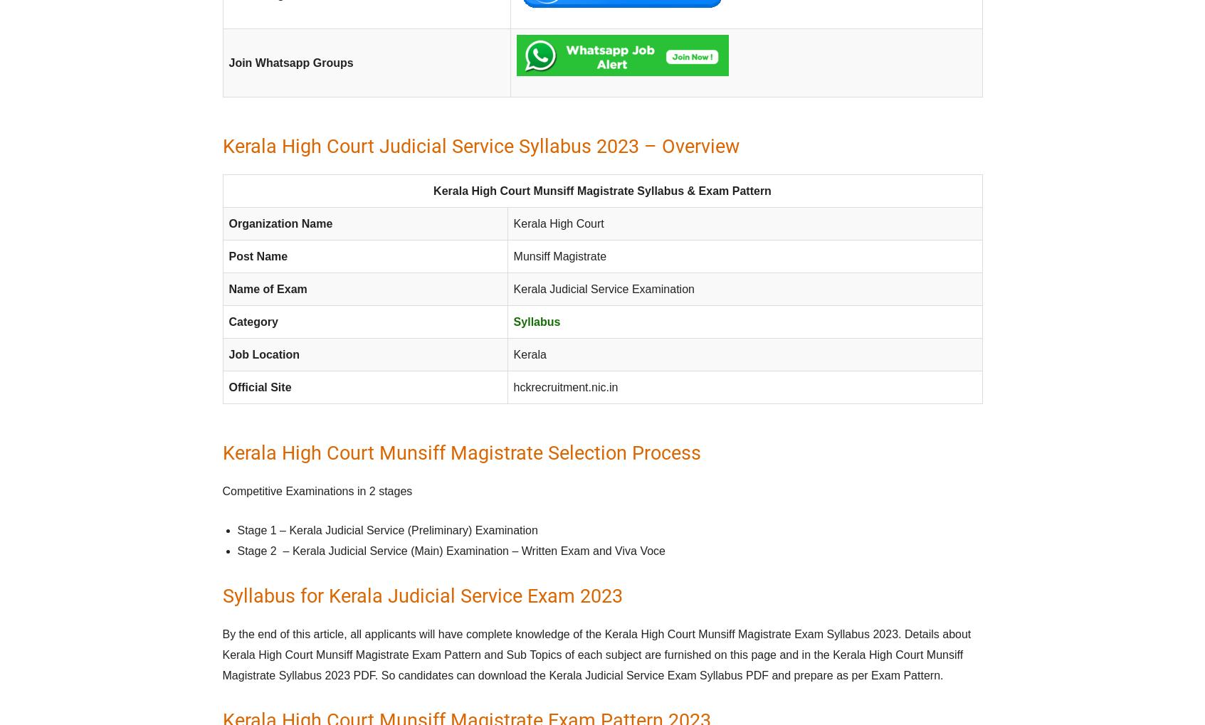 The image size is (1205, 725). Describe the element at coordinates (227, 256) in the screenshot. I see `'Post Name'` at that location.